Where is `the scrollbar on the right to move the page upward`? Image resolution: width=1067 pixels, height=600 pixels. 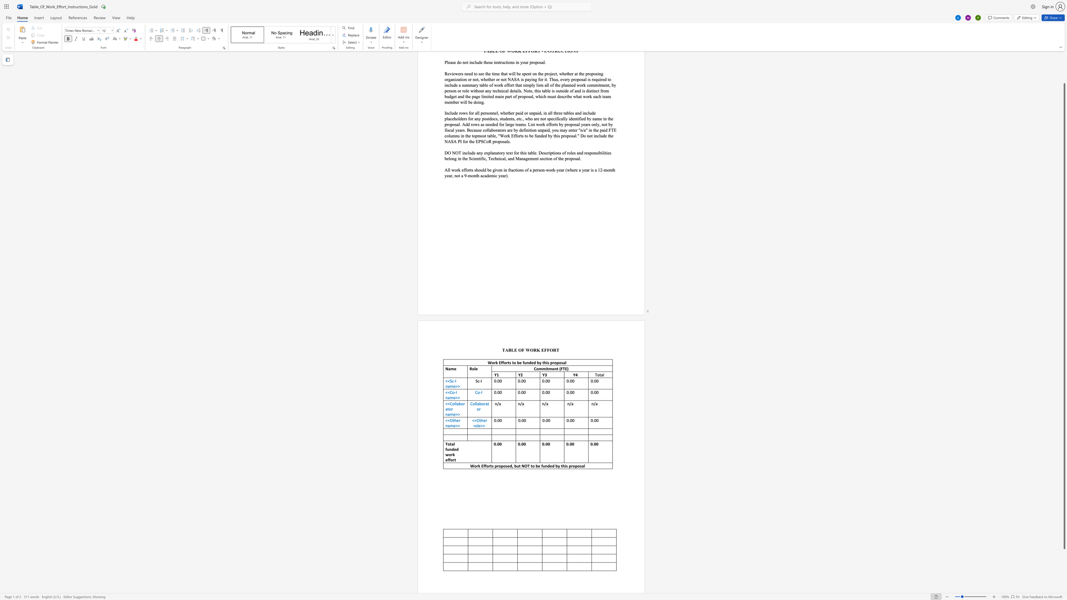 the scrollbar on the right to move the page upward is located at coordinates (1064, 61).